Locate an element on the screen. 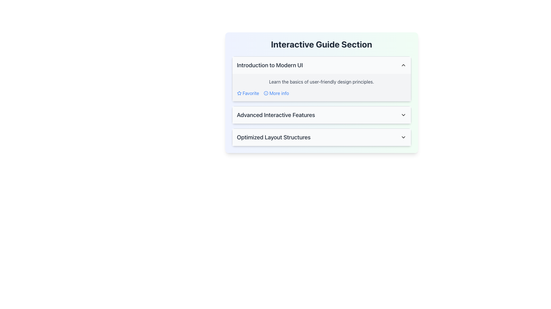  the chevron icon at the far right of the 'Introduction to Modern UI' section header to indicate its interactability for collapsing or expanding the associated content is located at coordinates (403, 65).